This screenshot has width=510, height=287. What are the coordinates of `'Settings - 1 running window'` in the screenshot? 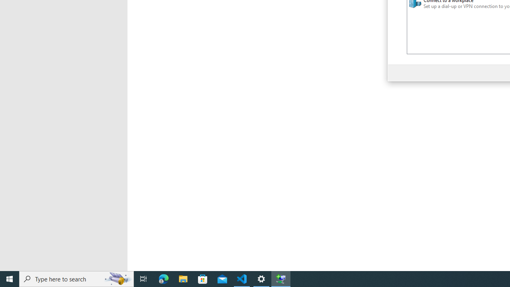 It's located at (261, 278).